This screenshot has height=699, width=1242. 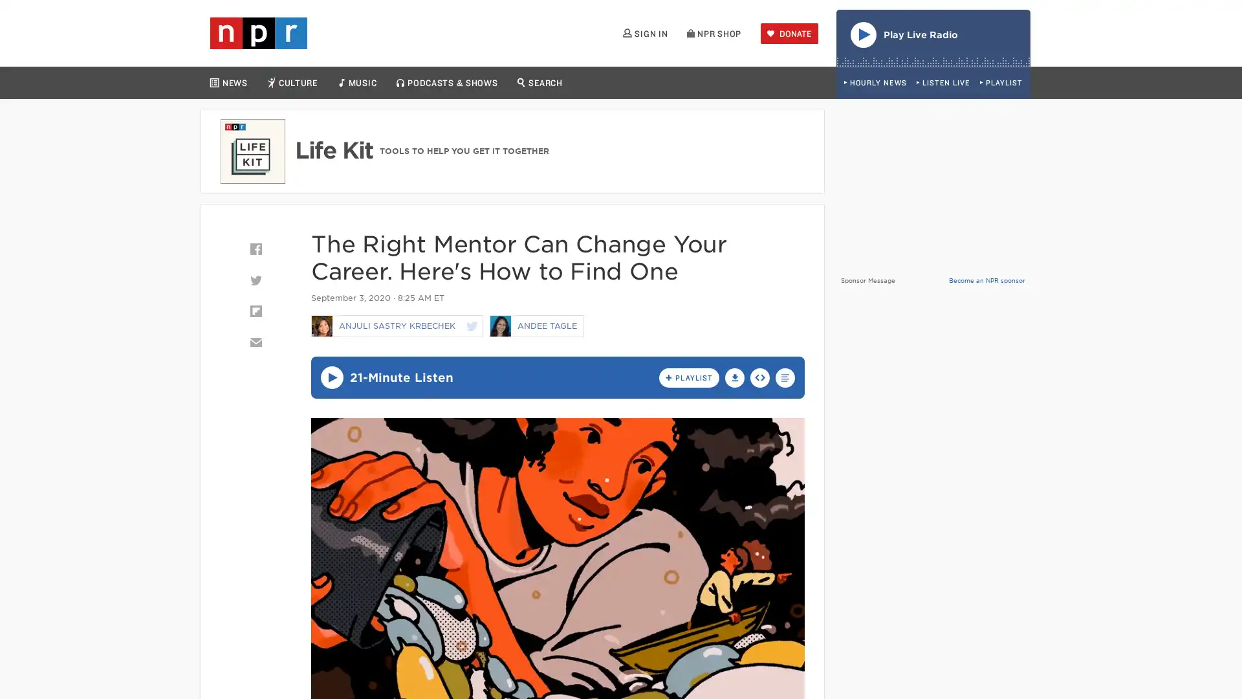 I want to click on Play Live Radio, so click(x=933, y=37).